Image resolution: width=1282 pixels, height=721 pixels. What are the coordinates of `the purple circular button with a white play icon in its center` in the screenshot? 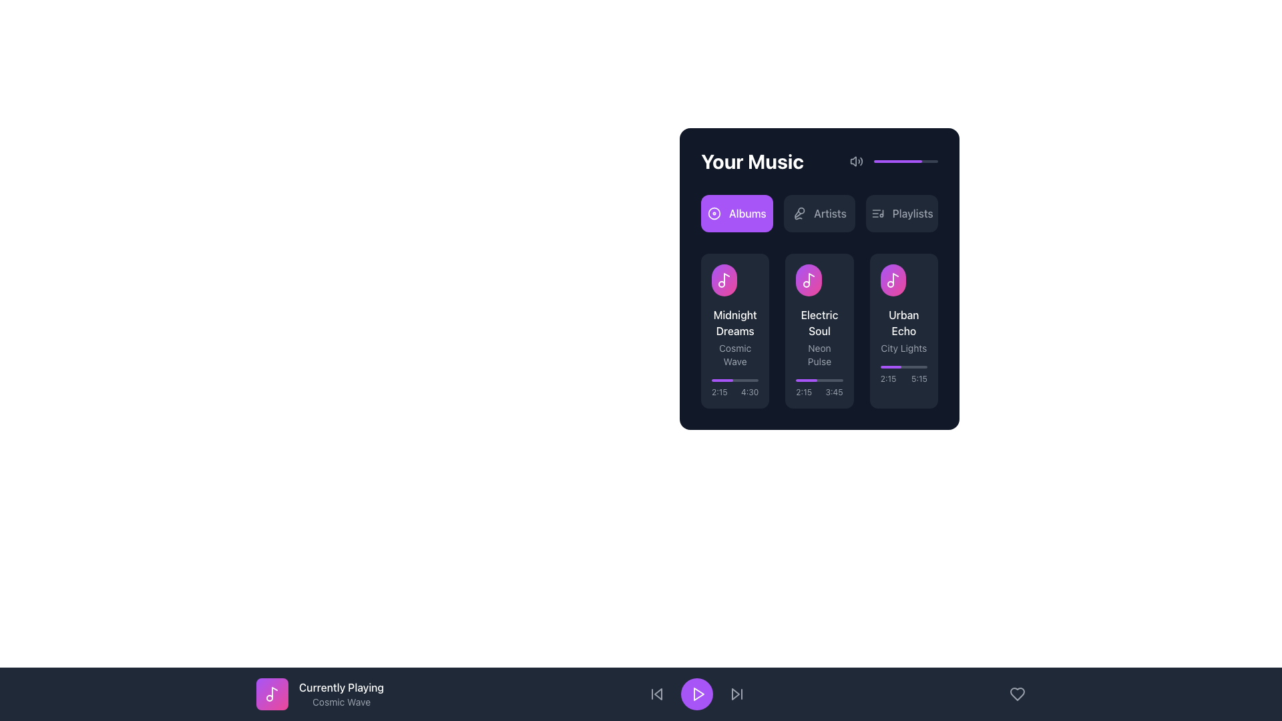 It's located at (696, 694).